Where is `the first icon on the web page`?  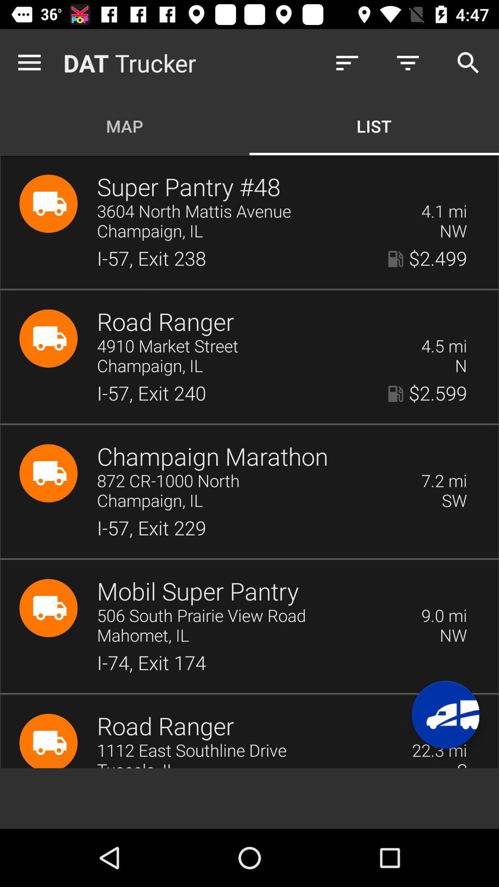
the first icon on the web page is located at coordinates (48, 203).